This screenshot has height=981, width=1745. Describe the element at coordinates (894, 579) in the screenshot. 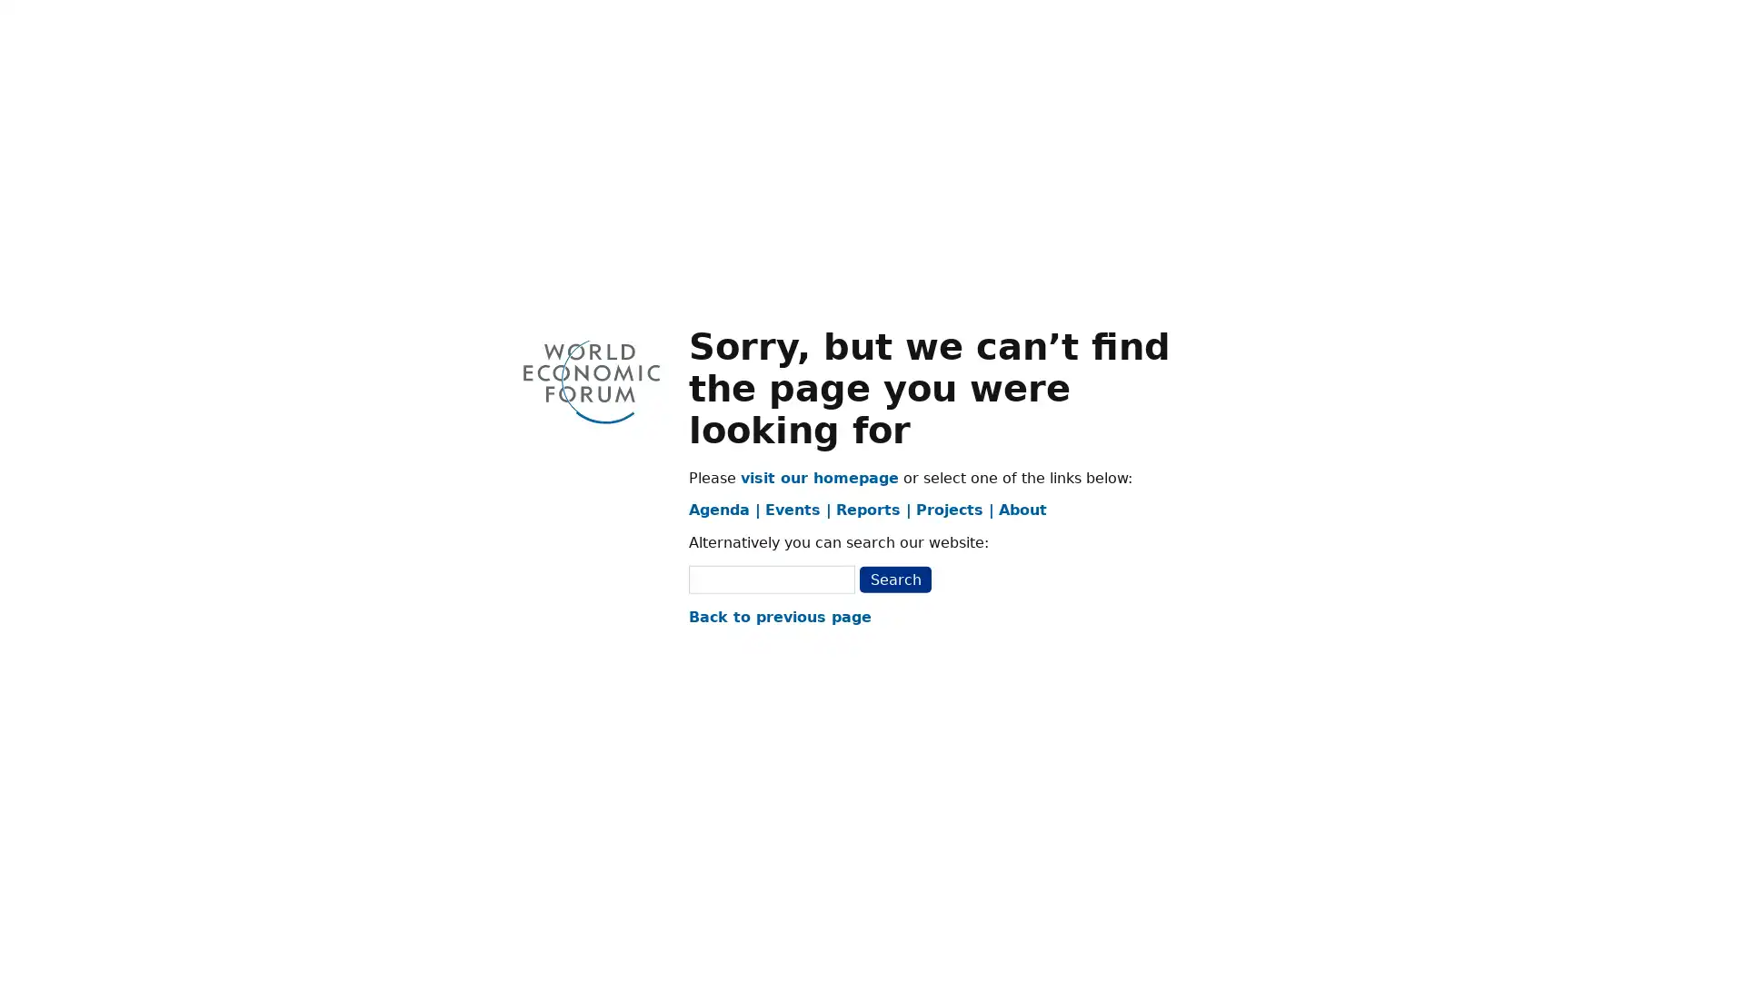

I see `Search` at that location.